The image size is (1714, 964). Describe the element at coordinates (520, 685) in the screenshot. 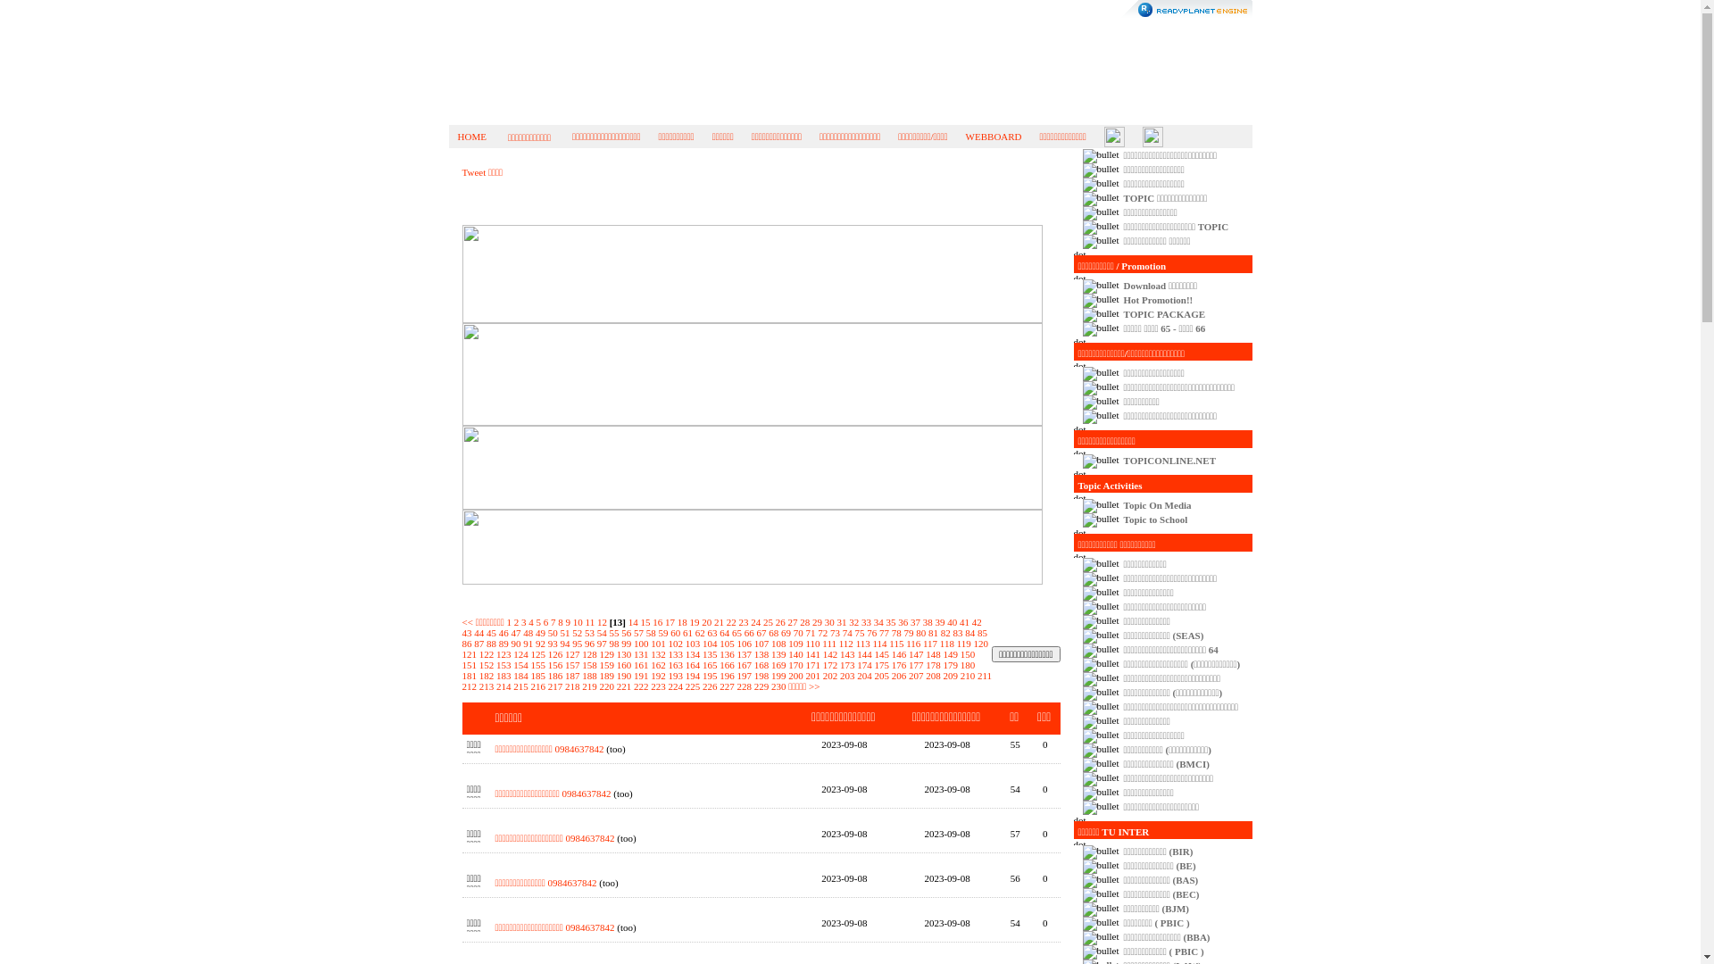

I see `'215'` at that location.